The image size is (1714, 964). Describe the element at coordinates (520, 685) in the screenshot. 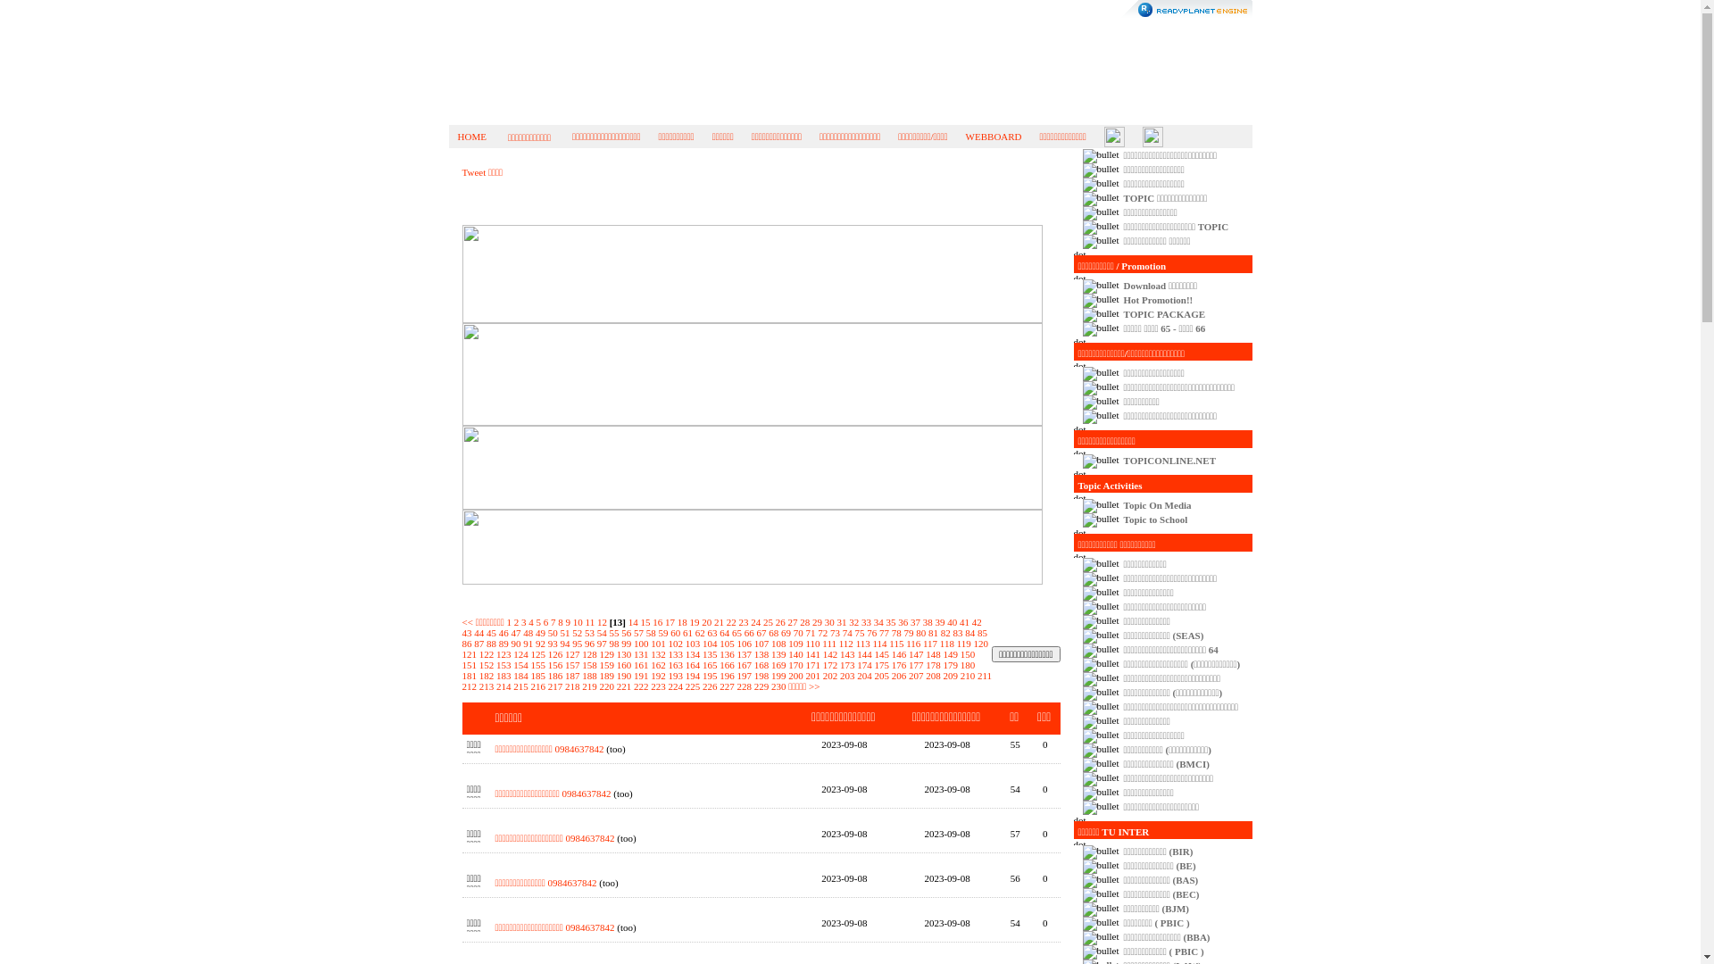

I see `'215'` at that location.